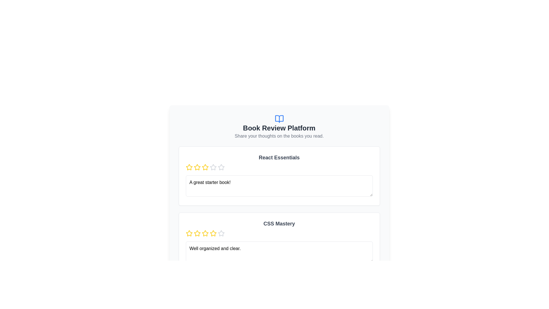 This screenshot has width=549, height=309. I want to click on one of the stars in the Rating component below the 'CSS Mastery' title, so click(279, 233).